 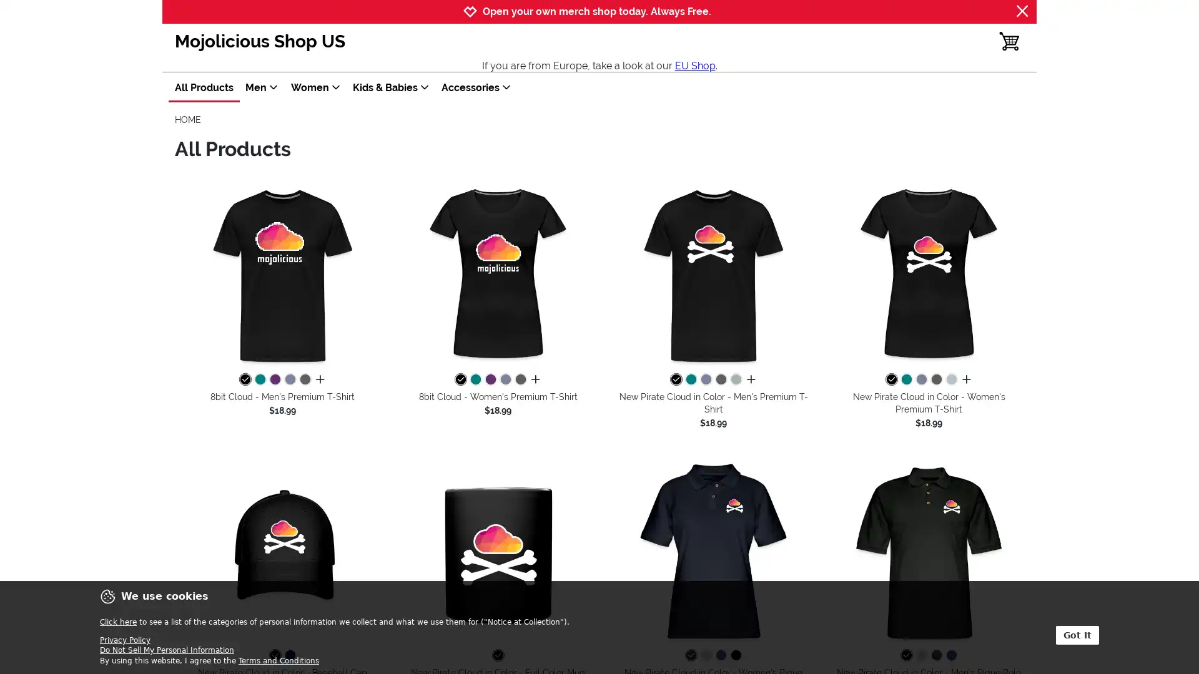 I want to click on New Pirate Cloud in Color - Men's Pique Polo Shirt, so click(x=929, y=550).